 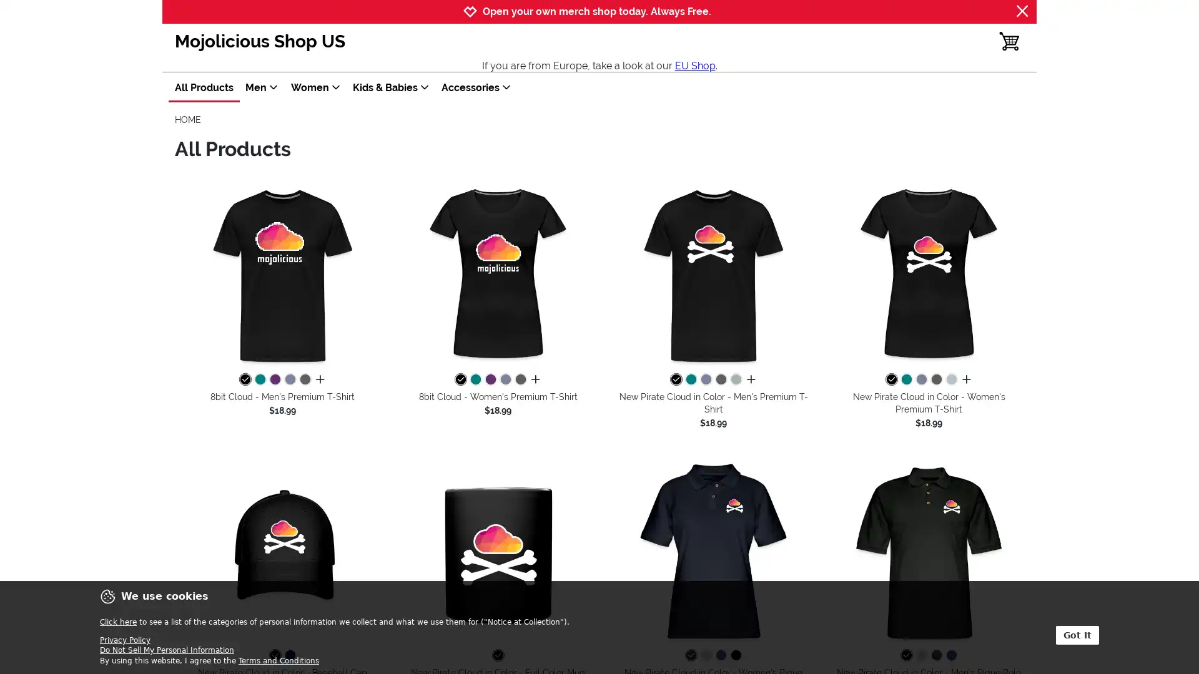 I want to click on New Pirate Cloud in Color - Men's Pique Polo Shirt, so click(x=929, y=550).